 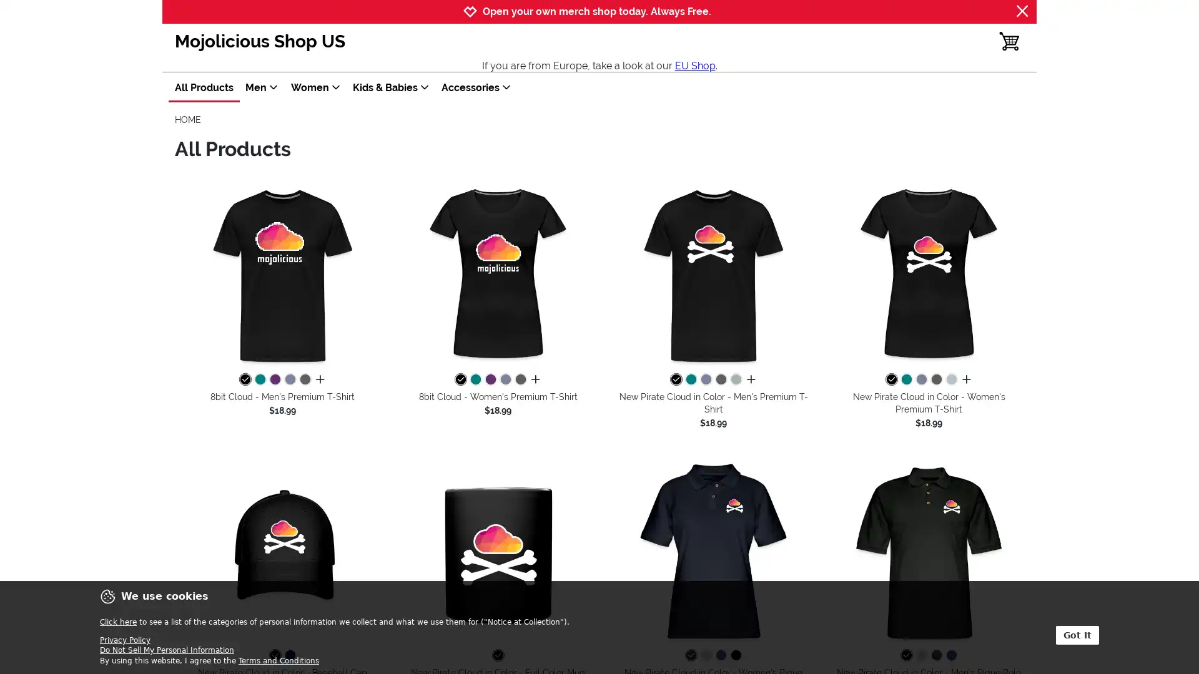 I want to click on New Pirate Cloud in Color - Men's Pique Polo Shirt, so click(x=929, y=550).